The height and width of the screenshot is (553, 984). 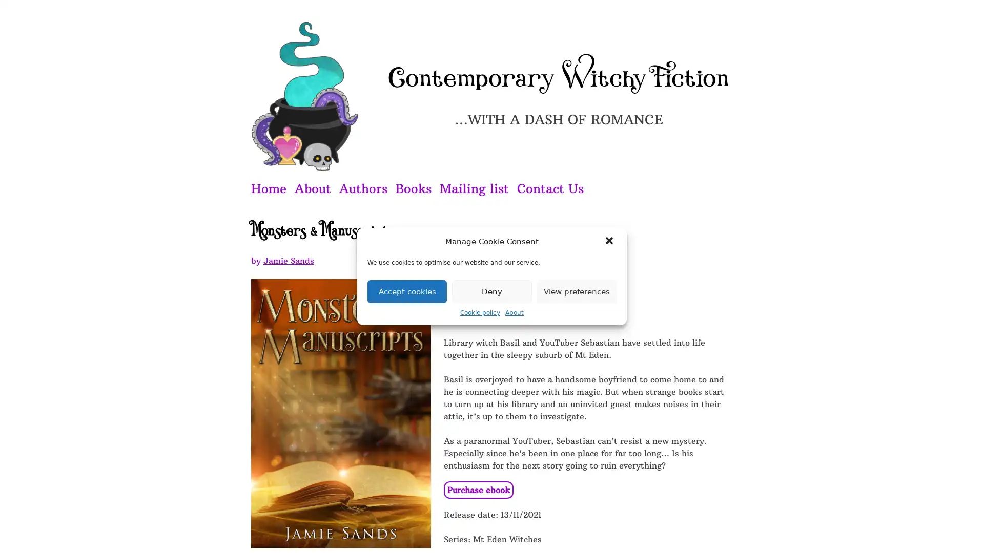 I want to click on Deny, so click(x=491, y=291).